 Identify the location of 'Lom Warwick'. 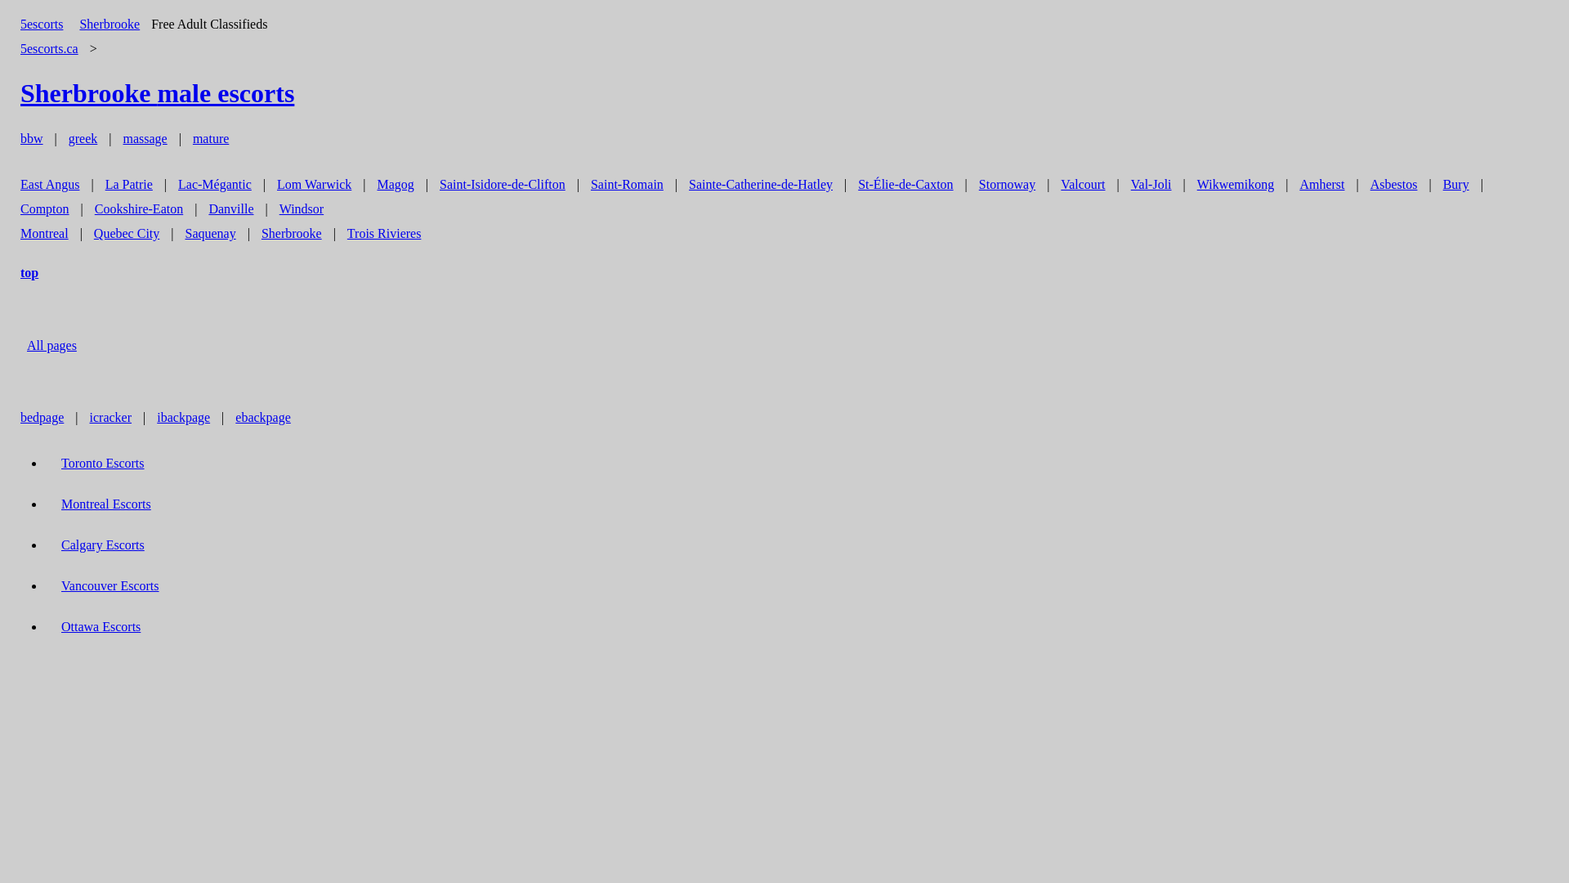
(314, 184).